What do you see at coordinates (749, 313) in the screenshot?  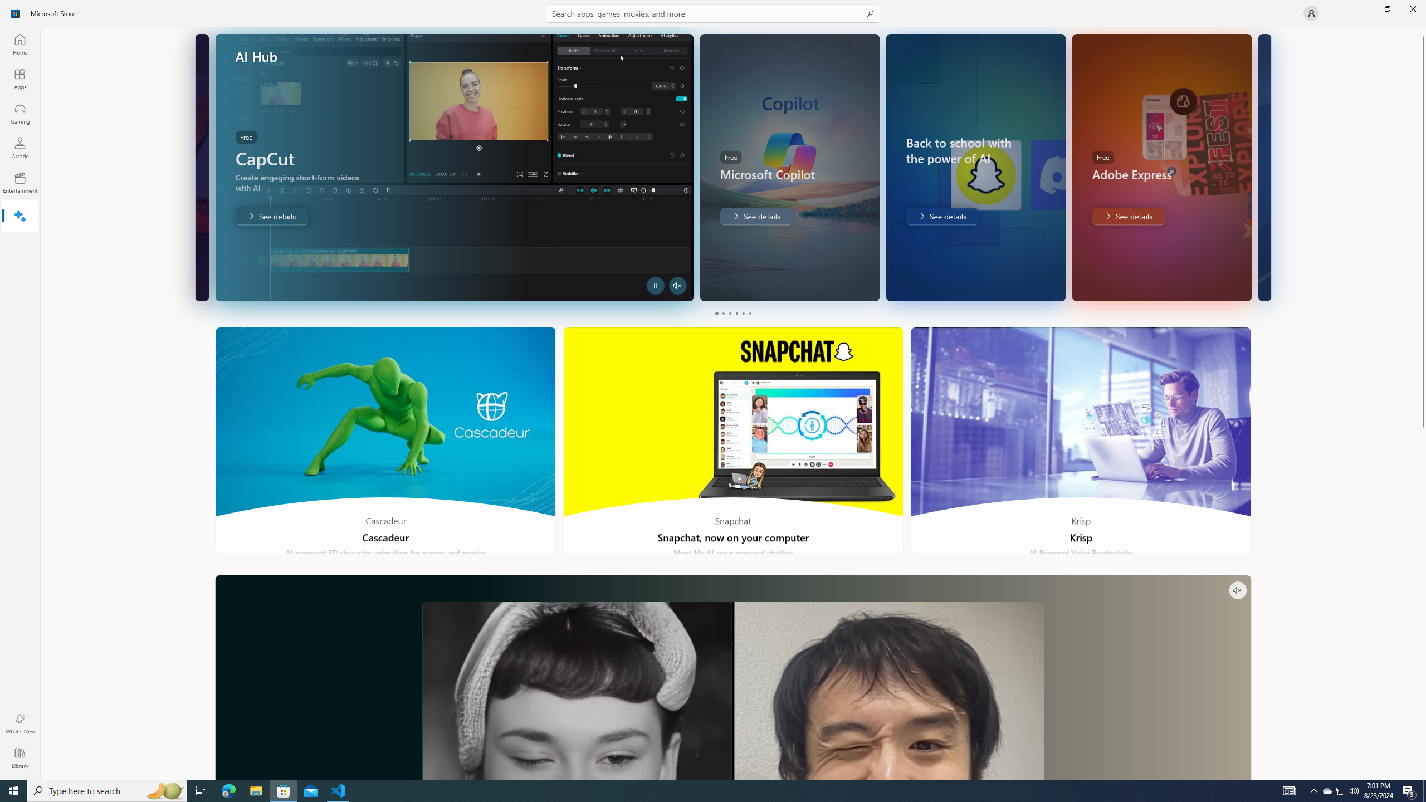 I see `'Page 6'` at bounding box center [749, 313].